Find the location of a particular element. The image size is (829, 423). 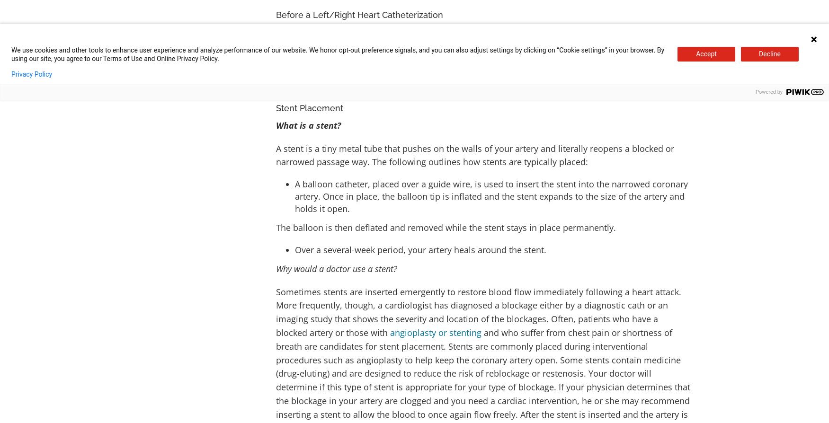

'The balloon is then deflated and removed while the stent stays in place permanently.' is located at coordinates (446, 227).